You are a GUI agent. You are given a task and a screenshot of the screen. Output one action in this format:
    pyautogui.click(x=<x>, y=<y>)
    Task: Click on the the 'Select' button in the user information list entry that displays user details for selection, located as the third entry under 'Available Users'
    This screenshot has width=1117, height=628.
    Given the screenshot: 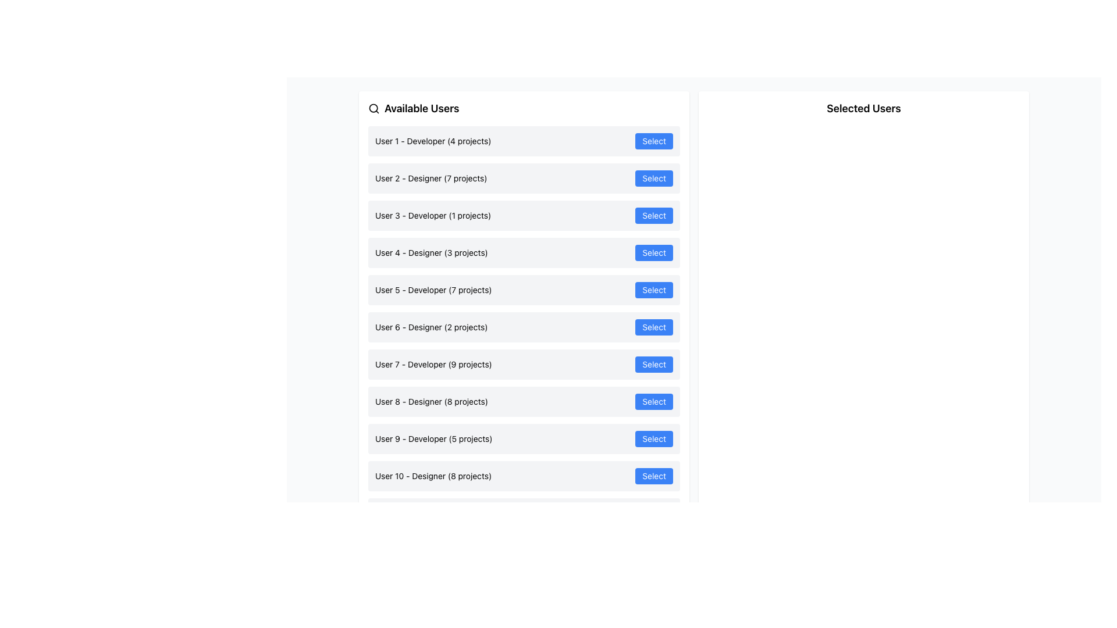 What is the action you would take?
    pyautogui.click(x=524, y=215)
    